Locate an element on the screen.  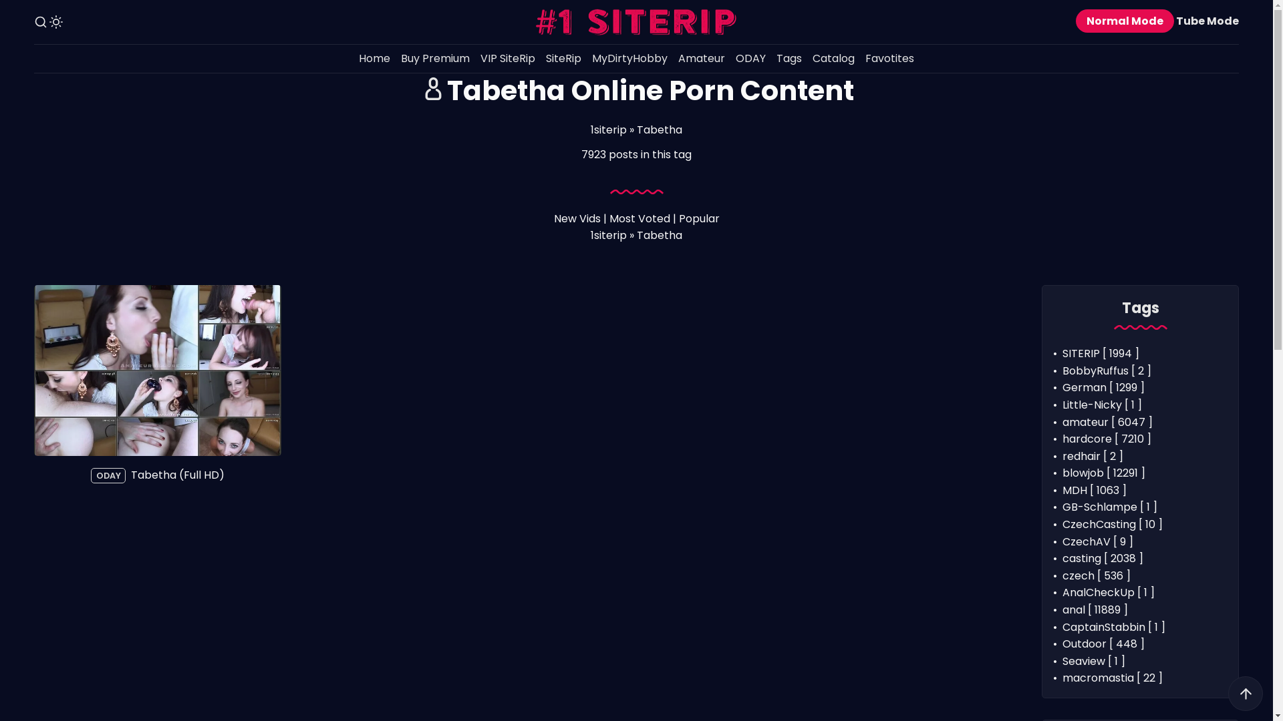
'Normal Mode' is located at coordinates (1124, 21).